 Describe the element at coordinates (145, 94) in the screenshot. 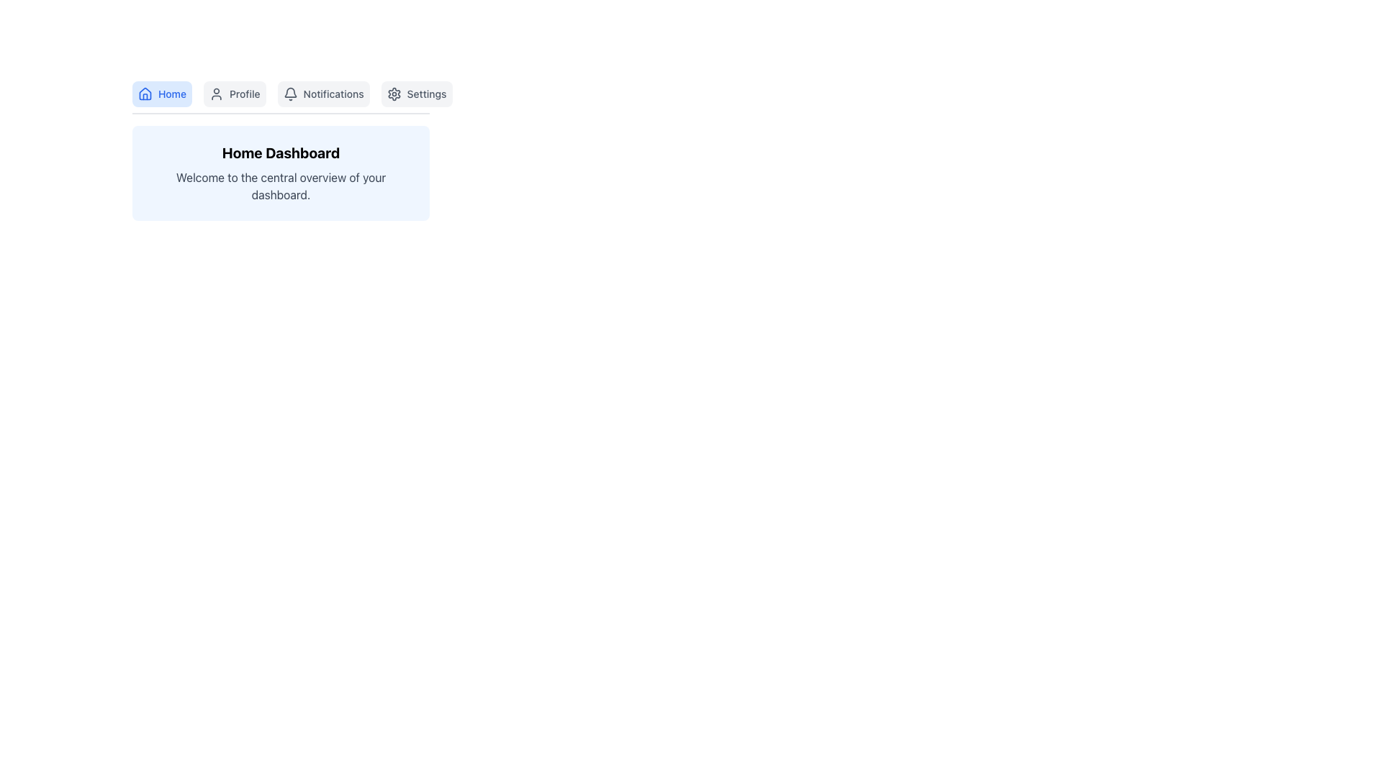

I see `the 'Home' icon located in the upper-left area of the interface` at that location.